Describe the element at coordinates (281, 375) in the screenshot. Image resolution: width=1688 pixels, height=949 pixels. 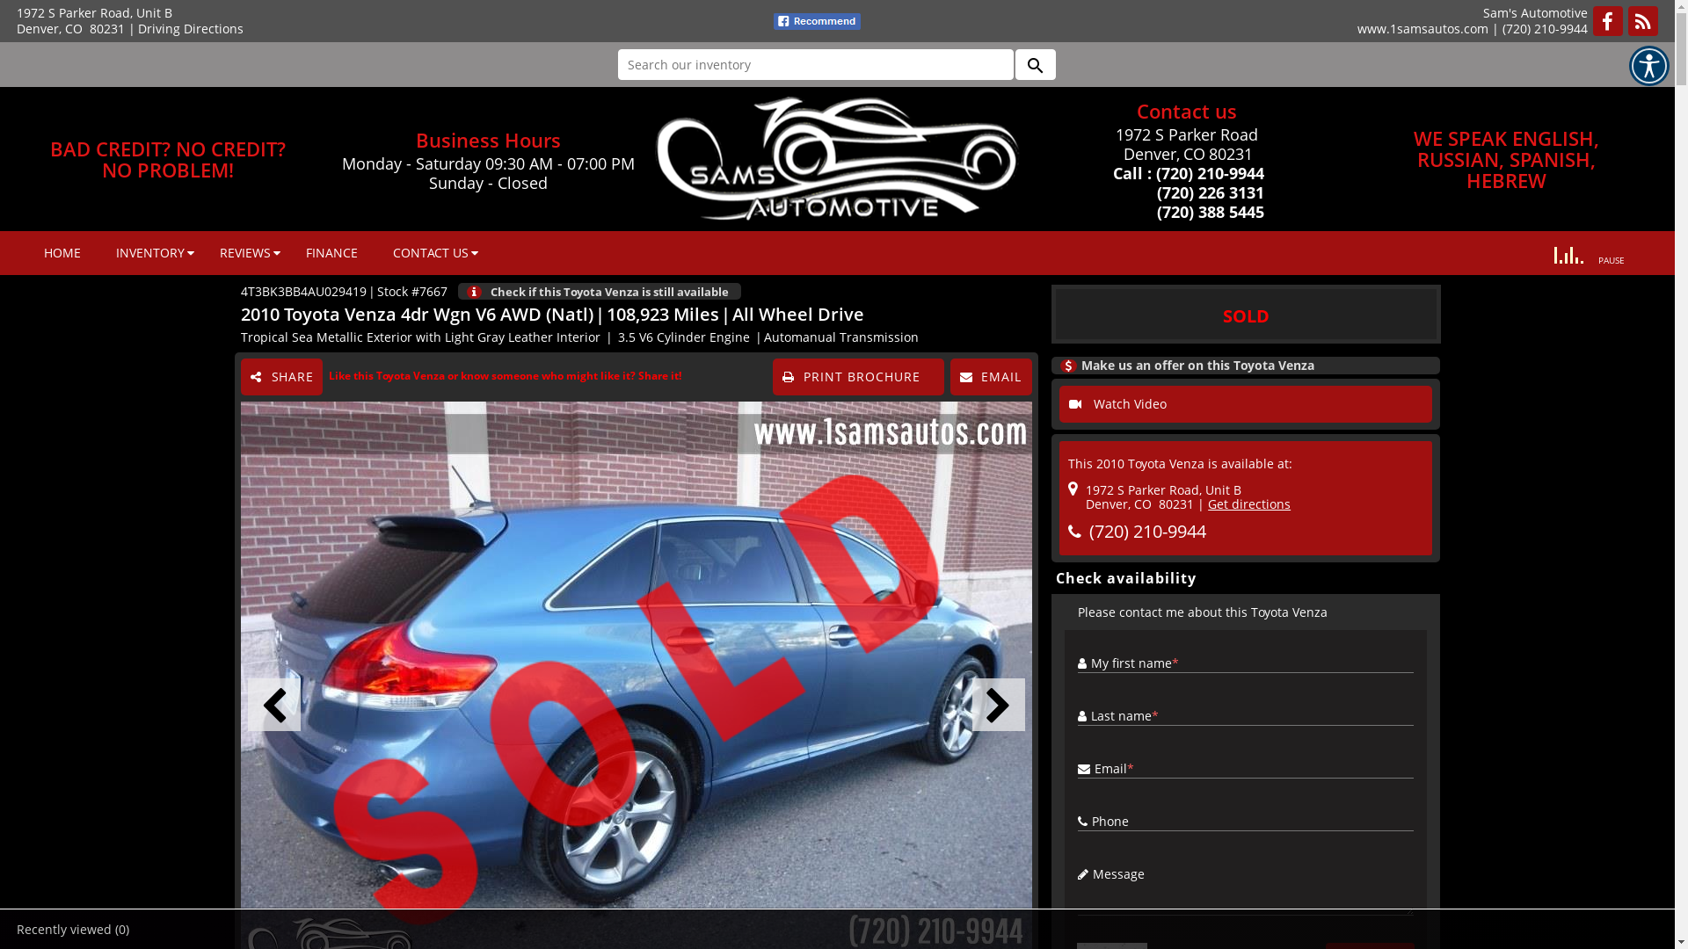
I see `'SHARE'` at that location.